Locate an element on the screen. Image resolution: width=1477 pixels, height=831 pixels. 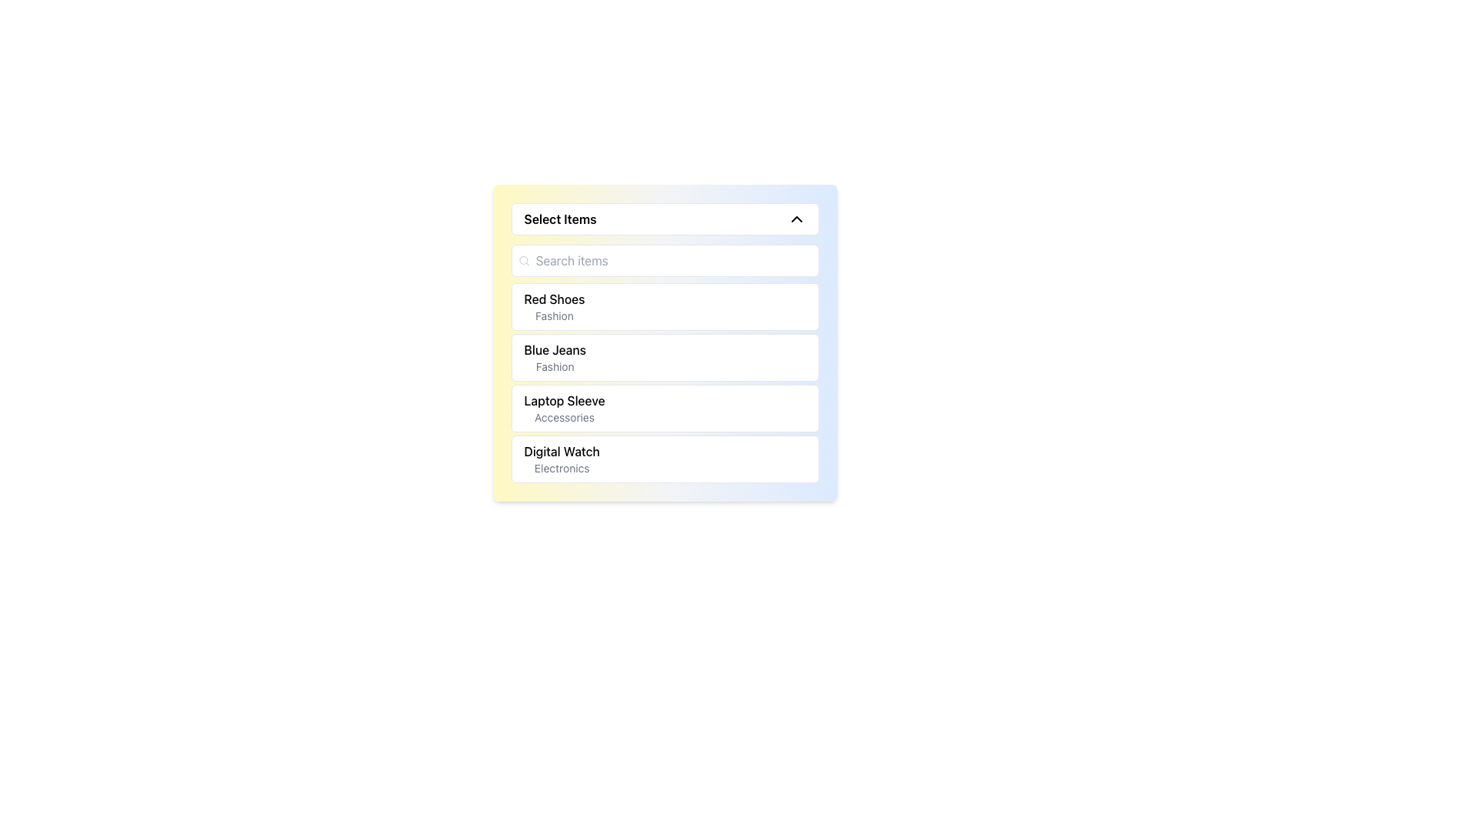
the 'Laptop Sleeve' selectable list item in the dropdown interface is located at coordinates (564, 408).